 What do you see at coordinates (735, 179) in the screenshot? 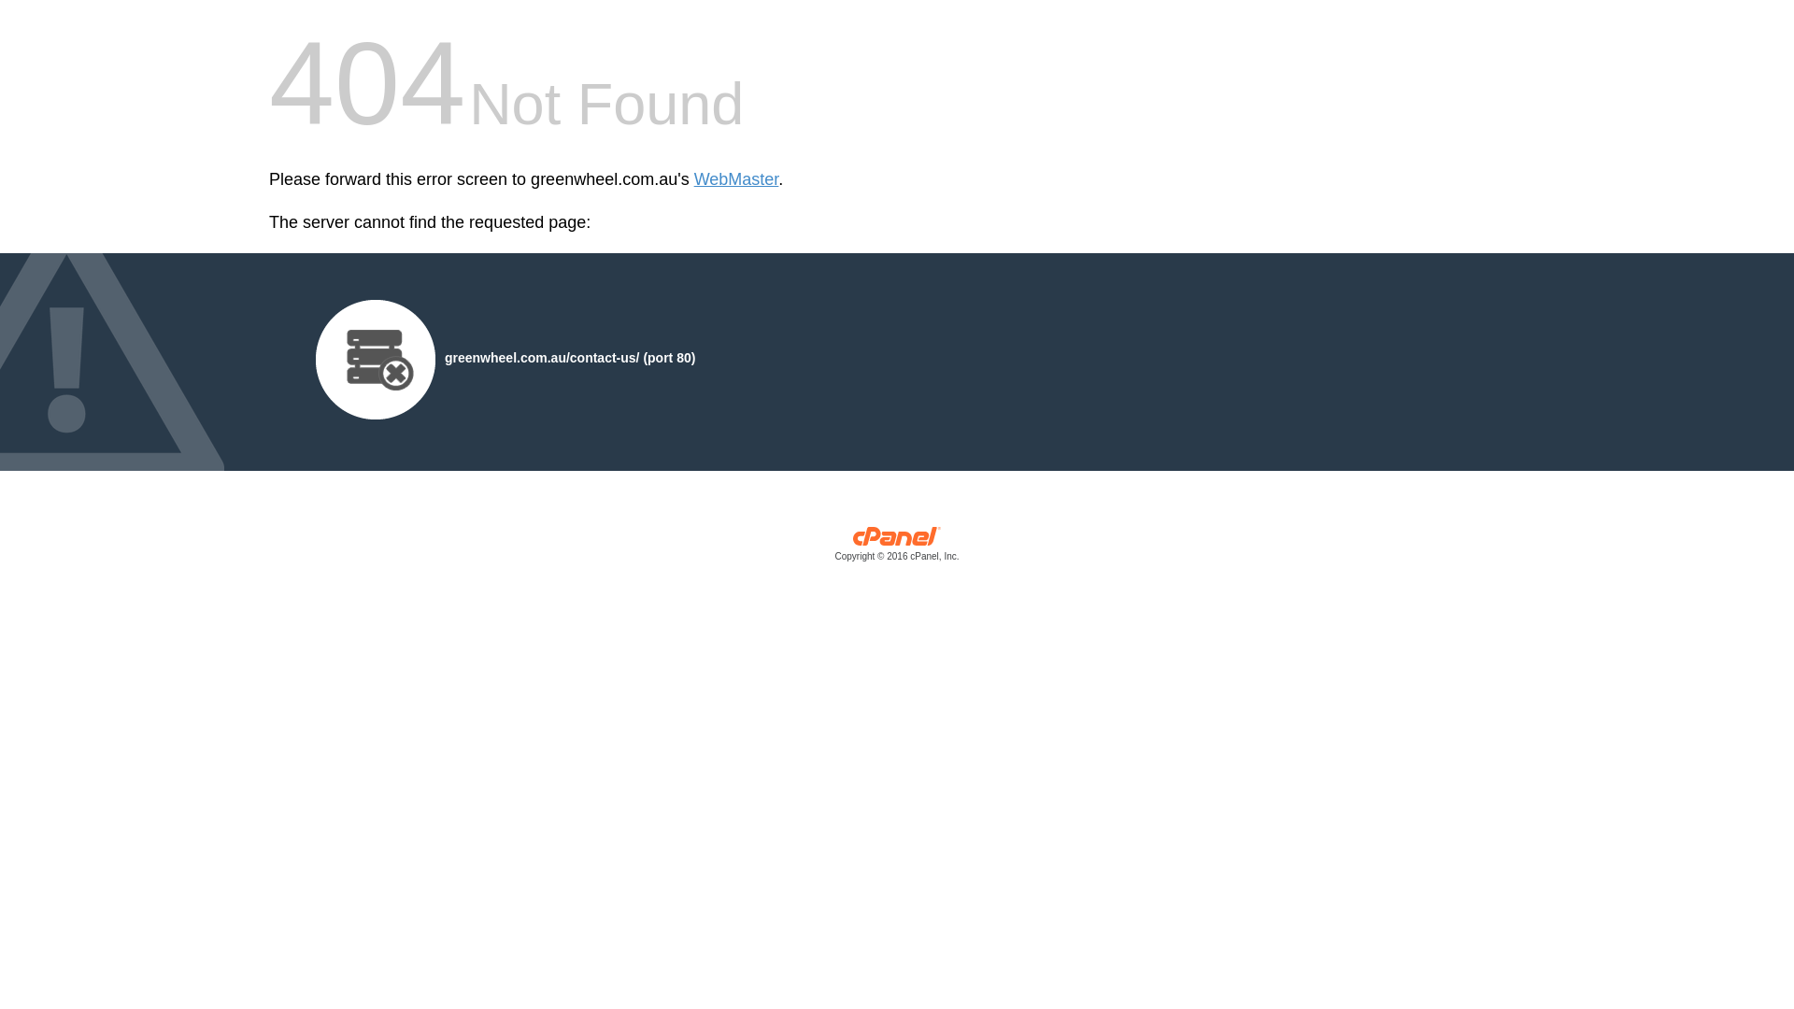
I see `'WebMaster'` at bounding box center [735, 179].